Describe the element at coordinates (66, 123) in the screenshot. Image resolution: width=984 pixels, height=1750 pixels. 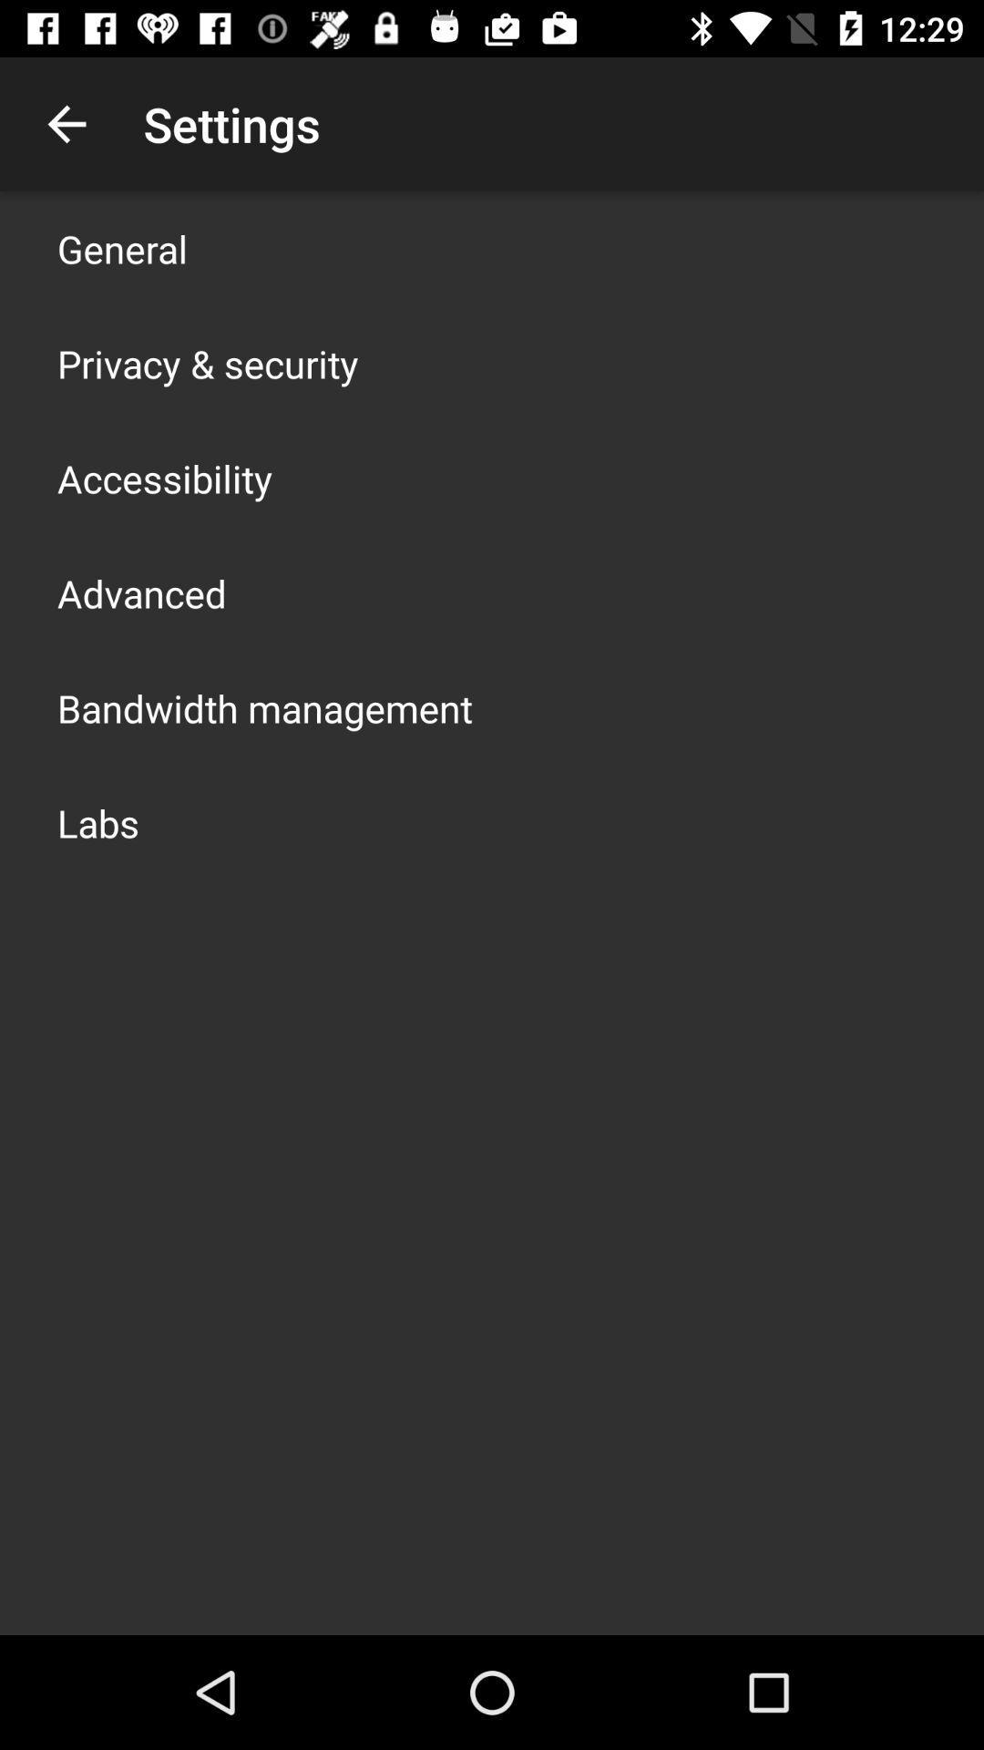
I see `the item next to the settings icon` at that location.